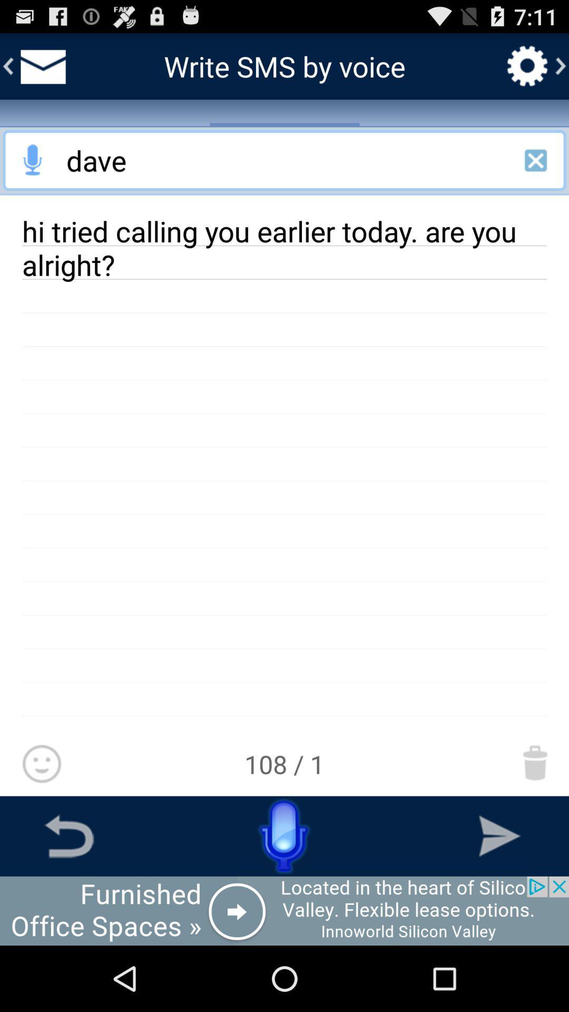 The image size is (569, 1012). What do you see at coordinates (41, 65) in the screenshot?
I see `go back` at bounding box center [41, 65].